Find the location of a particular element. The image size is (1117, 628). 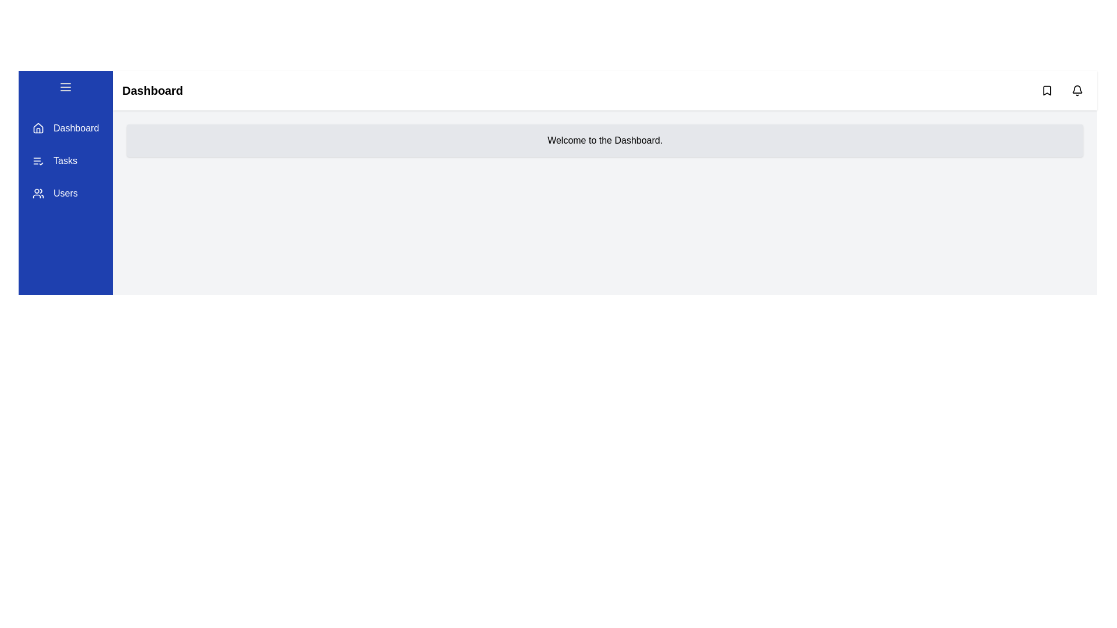

the house-shaped icon in the vertical navigation bar on the left side of the interface is located at coordinates (38, 127).